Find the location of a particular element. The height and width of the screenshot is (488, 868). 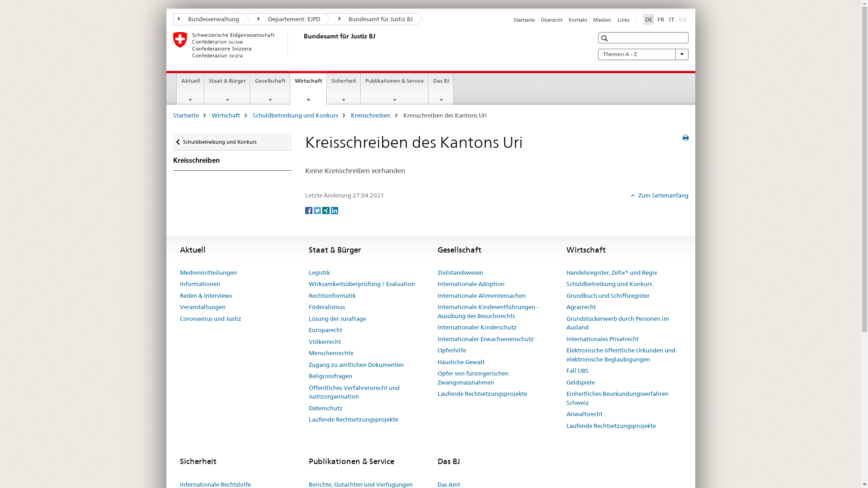

'Rechtsinformatik' is located at coordinates (331, 296).